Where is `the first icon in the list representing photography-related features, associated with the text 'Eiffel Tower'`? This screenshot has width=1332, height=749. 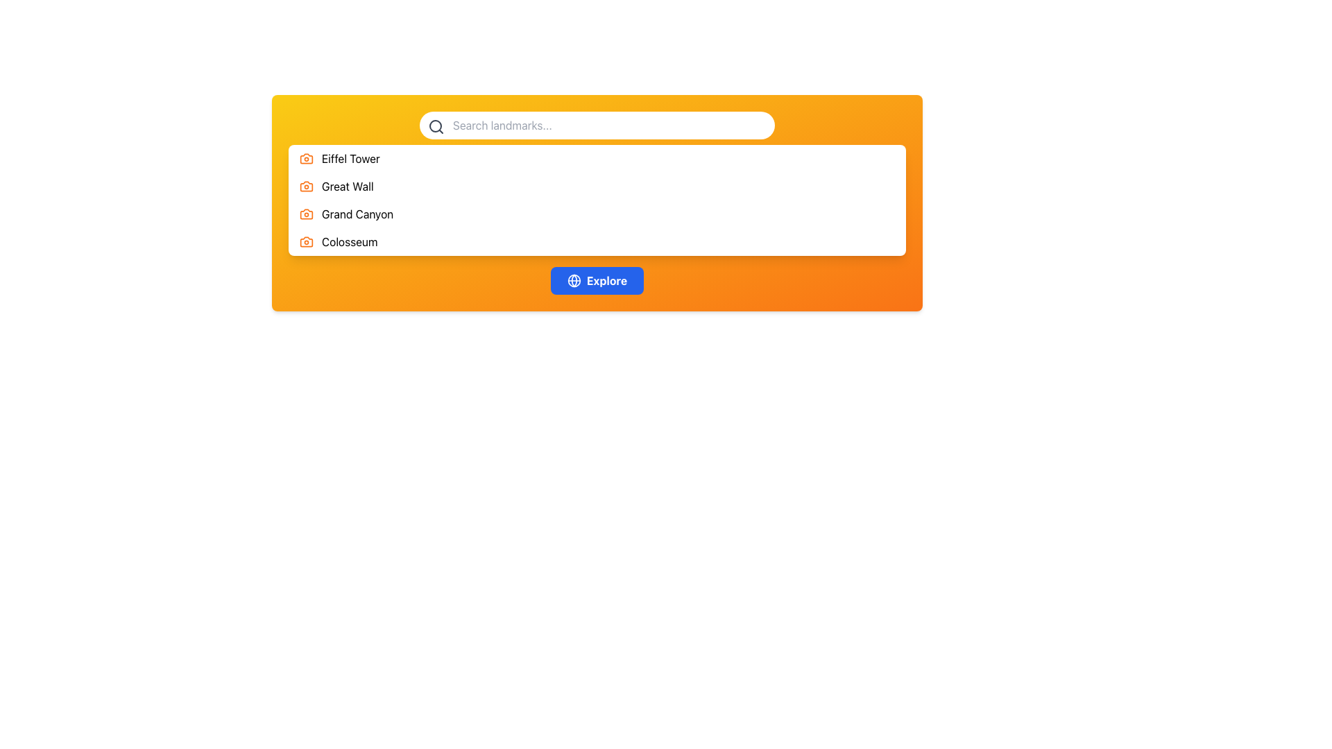
the first icon in the list representing photography-related features, associated with the text 'Eiffel Tower' is located at coordinates (305, 157).